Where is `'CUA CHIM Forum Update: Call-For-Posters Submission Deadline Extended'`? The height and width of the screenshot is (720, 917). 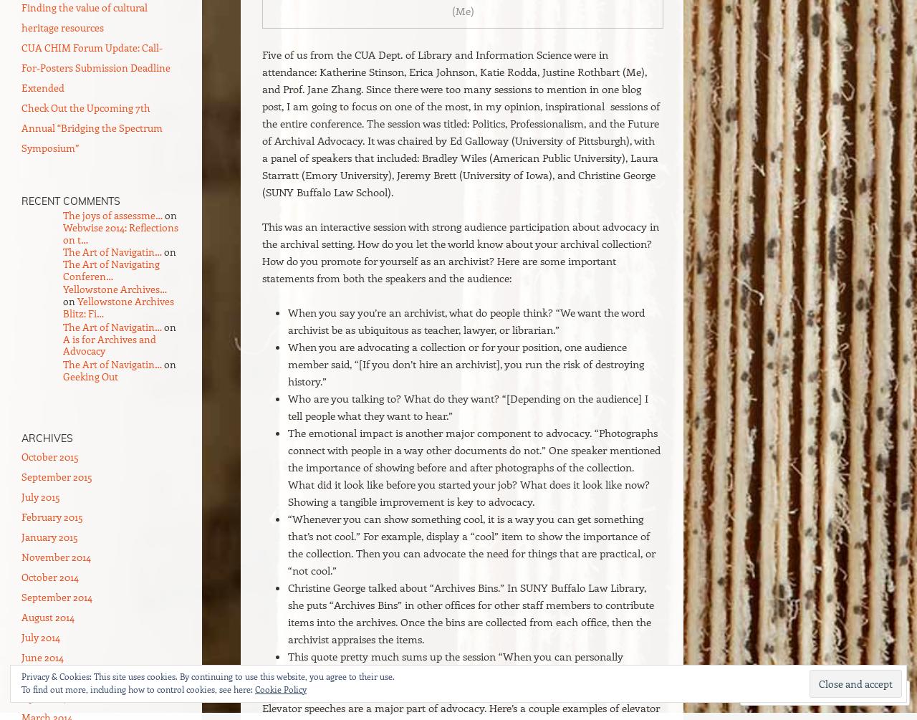
'CUA CHIM Forum Update: Call-For-Posters Submission Deadline Extended' is located at coordinates (95, 67).